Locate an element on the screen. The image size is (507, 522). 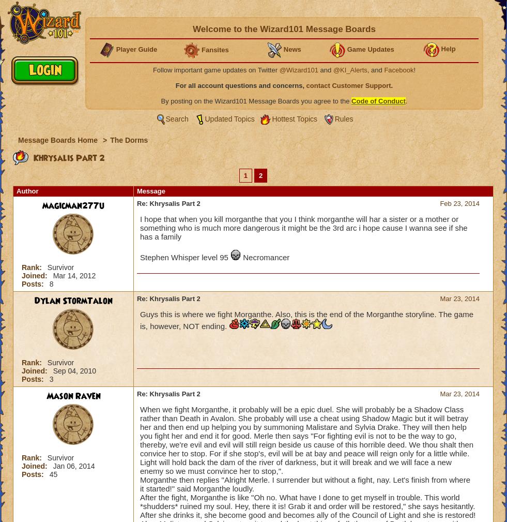
'Khrysalis Part 2' is located at coordinates (31, 158).